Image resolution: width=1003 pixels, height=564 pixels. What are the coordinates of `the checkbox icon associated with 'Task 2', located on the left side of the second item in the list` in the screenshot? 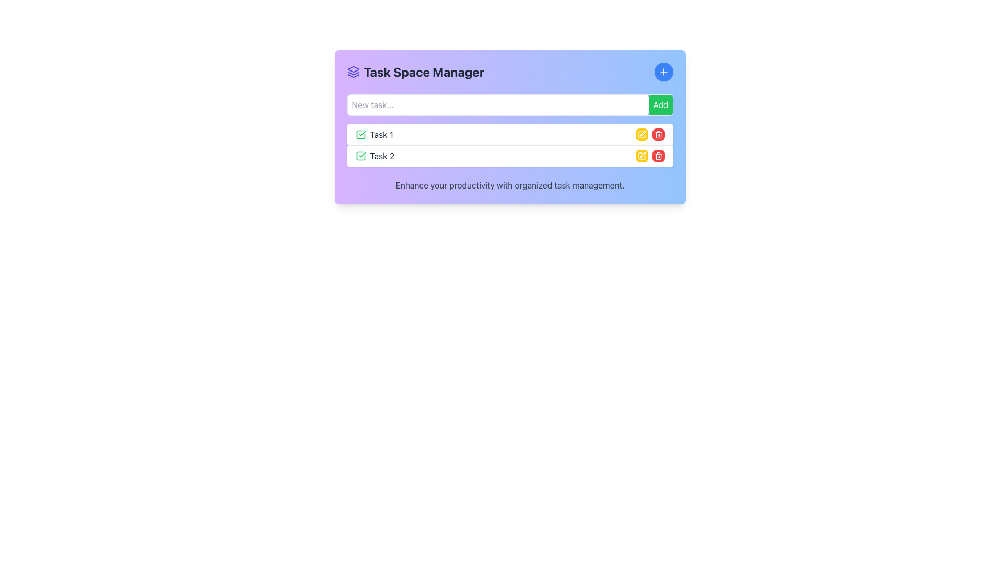 It's located at (360, 156).